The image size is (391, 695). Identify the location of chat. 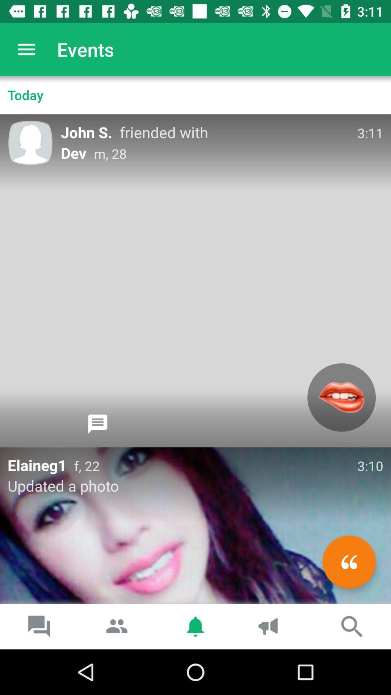
(98, 424).